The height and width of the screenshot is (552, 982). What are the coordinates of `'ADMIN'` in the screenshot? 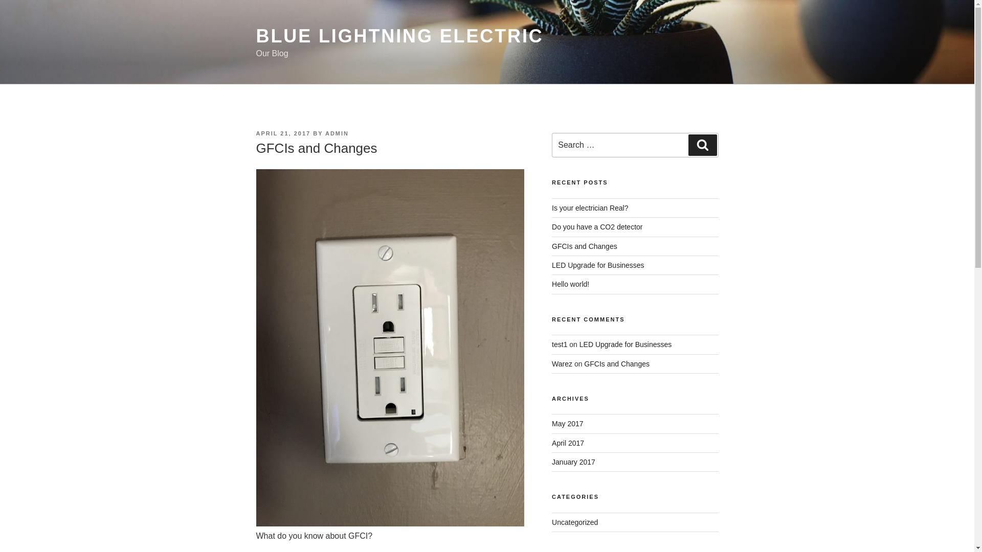 It's located at (324, 133).